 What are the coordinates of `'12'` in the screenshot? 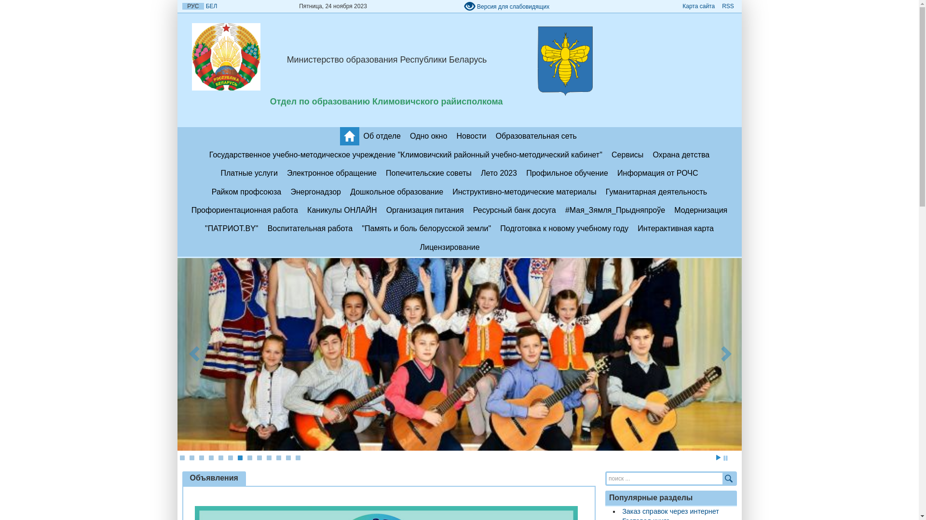 It's located at (287, 457).